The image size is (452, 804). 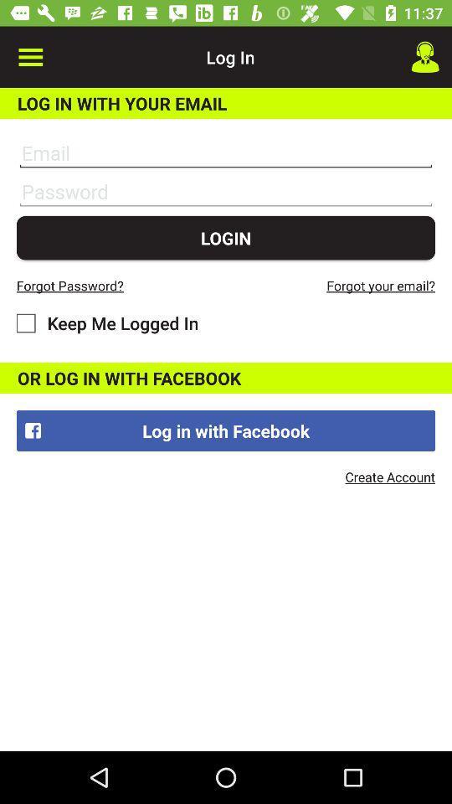 I want to click on item above log in with item, so click(x=30, y=57).